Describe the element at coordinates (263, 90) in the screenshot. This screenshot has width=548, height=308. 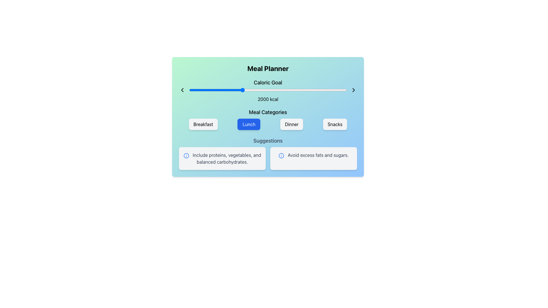
I see `caloric goal` at that location.